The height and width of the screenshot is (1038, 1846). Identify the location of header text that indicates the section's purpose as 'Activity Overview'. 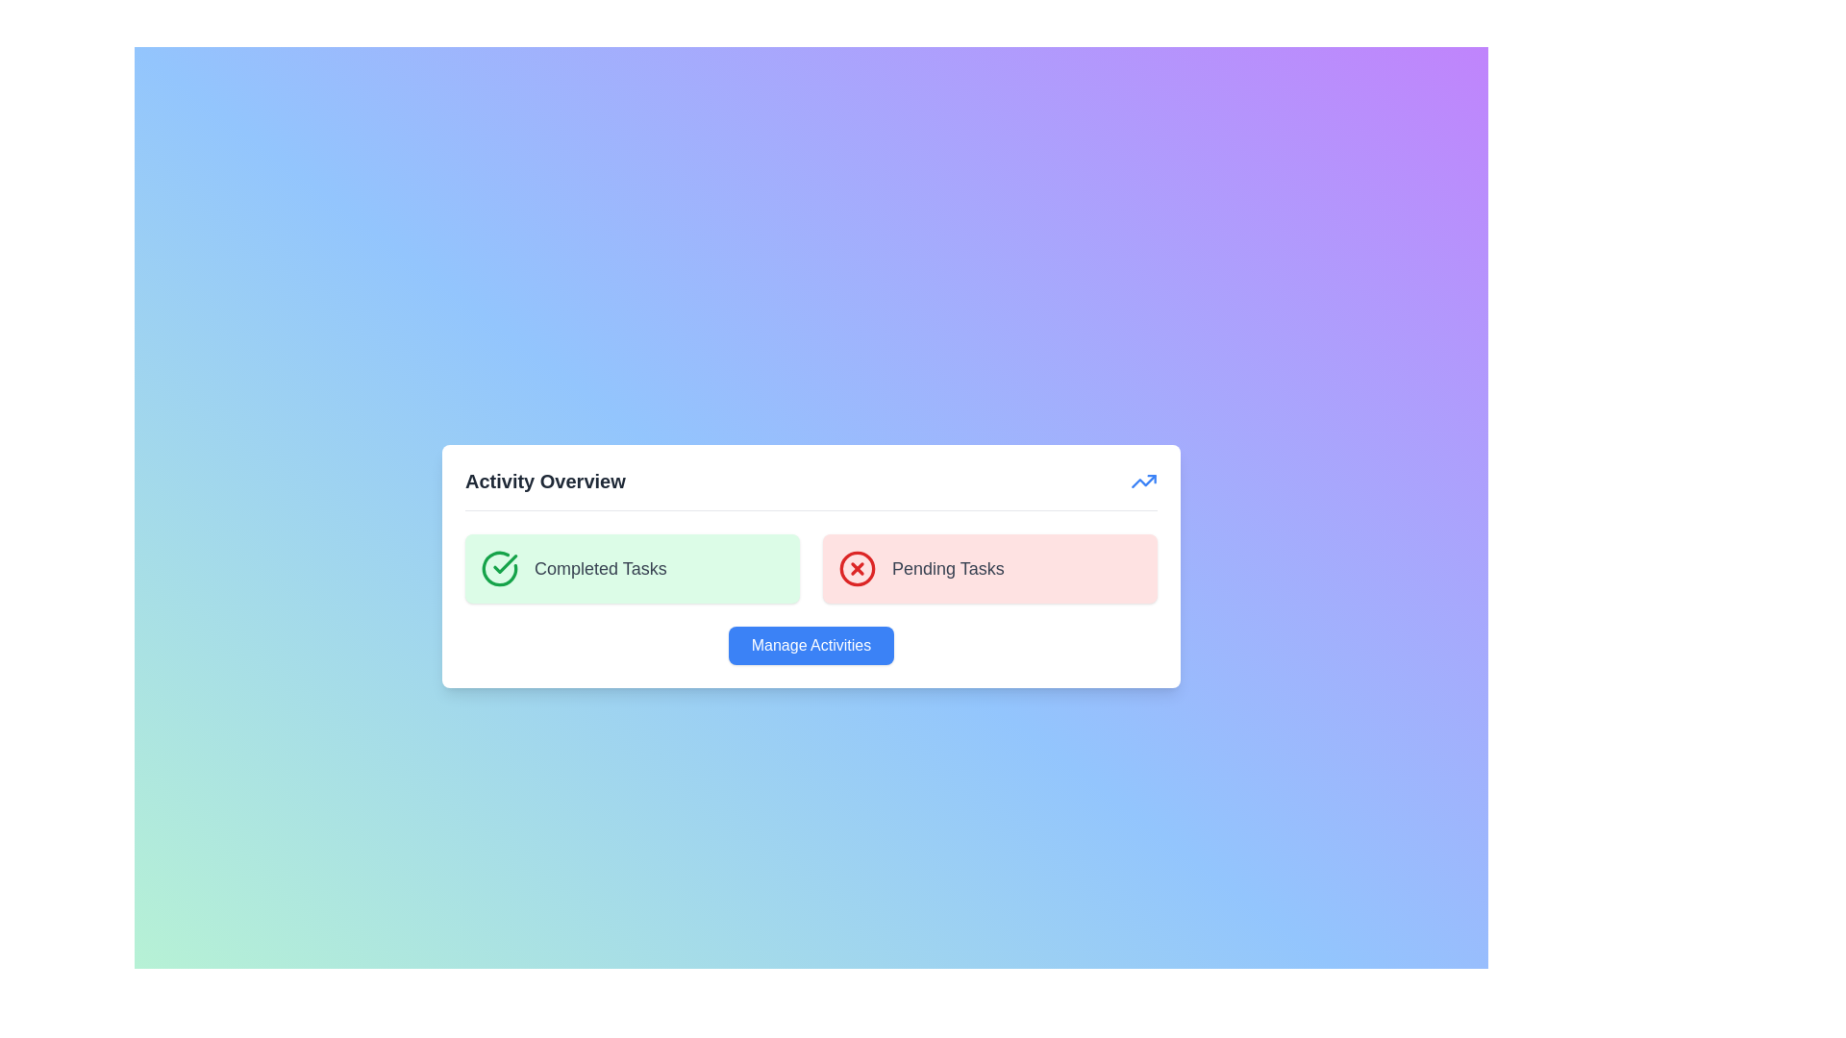
(544, 480).